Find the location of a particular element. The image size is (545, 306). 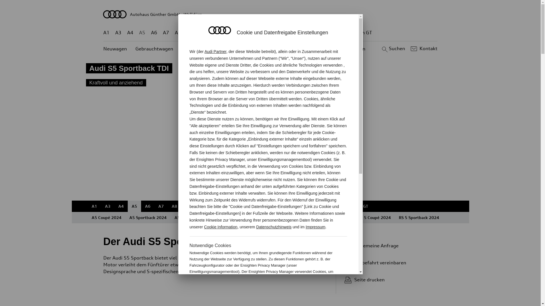

'Allgemeine Anfrage' is located at coordinates (388, 245).